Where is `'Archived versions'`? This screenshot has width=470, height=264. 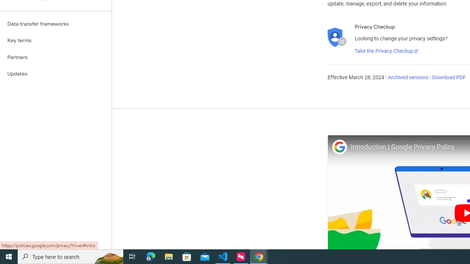
'Archived versions' is located at coordinates (408, 78).